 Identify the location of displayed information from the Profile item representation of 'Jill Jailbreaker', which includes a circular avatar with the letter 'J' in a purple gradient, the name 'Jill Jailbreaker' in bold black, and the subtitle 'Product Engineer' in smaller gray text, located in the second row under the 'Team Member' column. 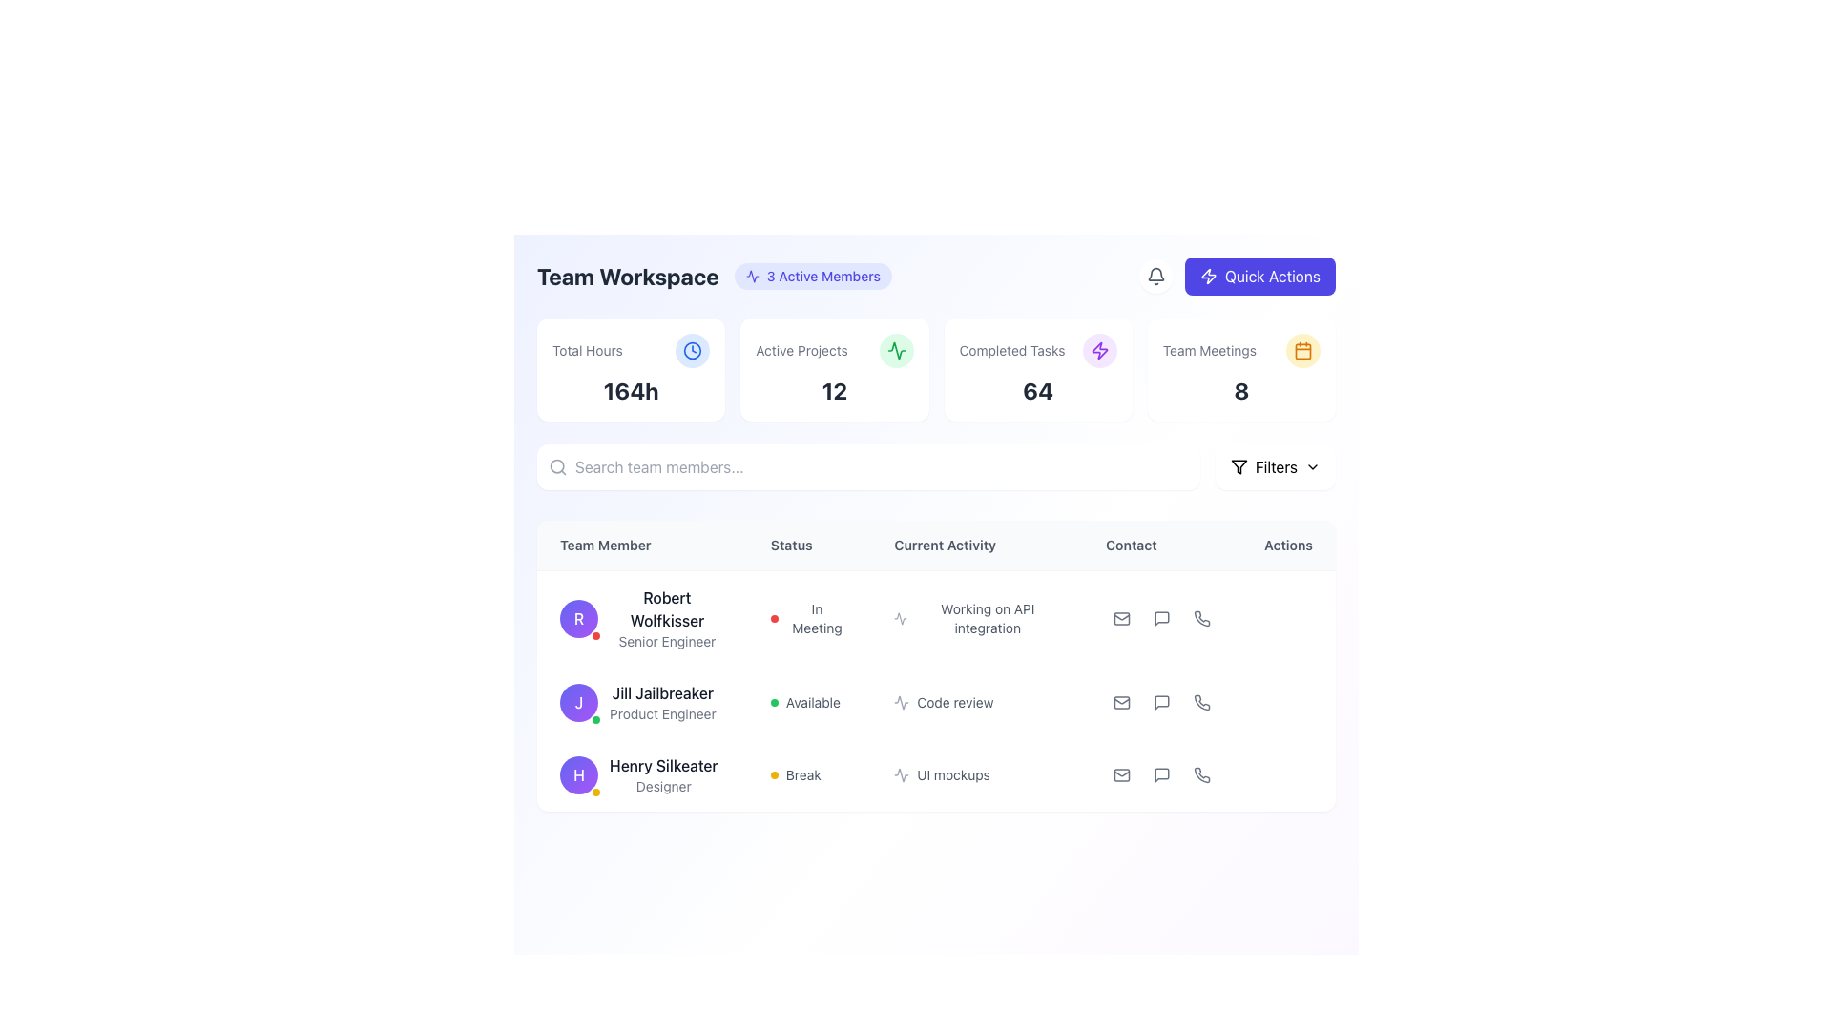
(642, 702).